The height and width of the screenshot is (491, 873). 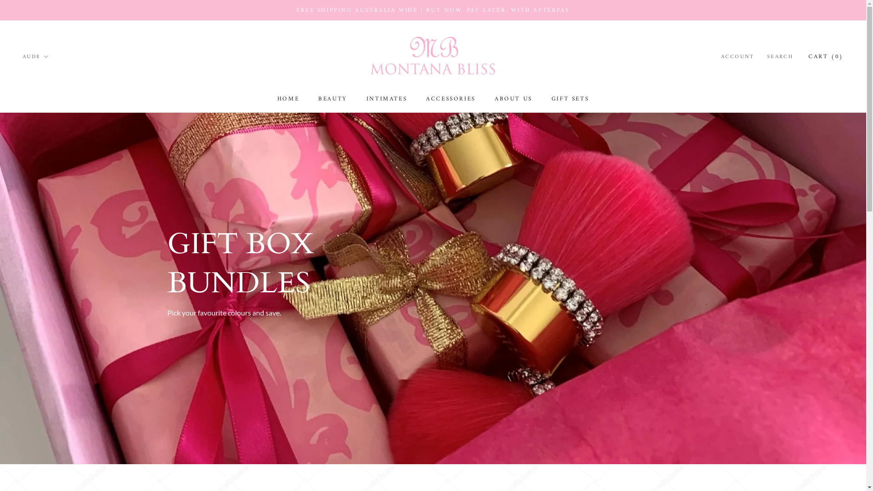 I want to click on 'AFN', so click(x=22, y=91).